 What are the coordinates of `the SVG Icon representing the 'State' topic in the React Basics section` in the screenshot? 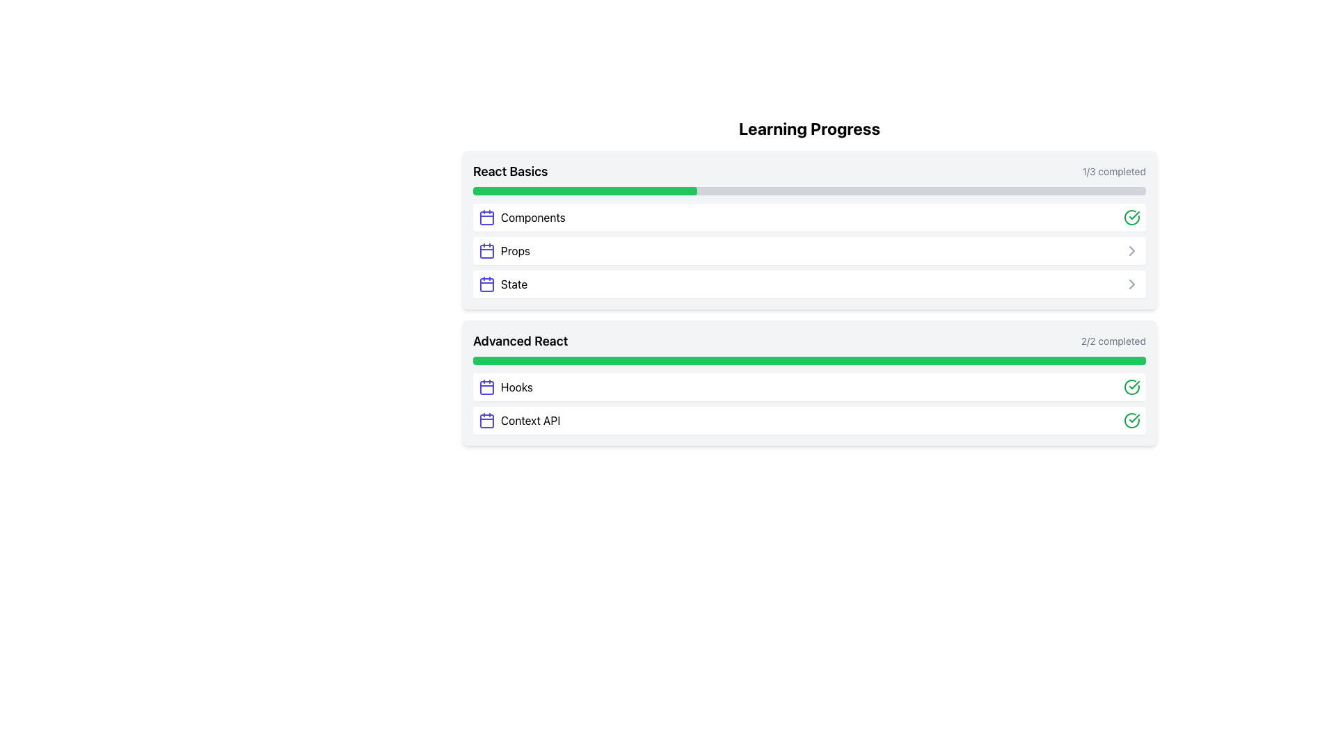 It's located at (487, 284).